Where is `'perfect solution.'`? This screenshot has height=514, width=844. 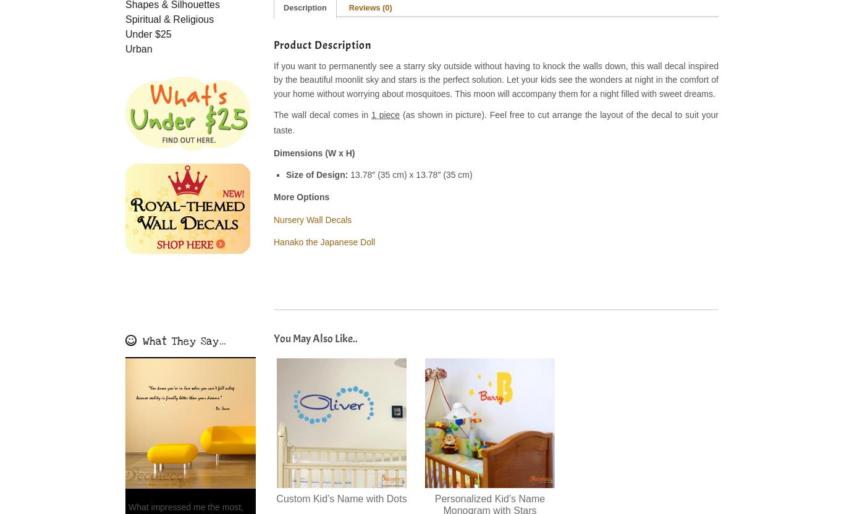
'perfect solution.' is located at coordinates (473, 79).